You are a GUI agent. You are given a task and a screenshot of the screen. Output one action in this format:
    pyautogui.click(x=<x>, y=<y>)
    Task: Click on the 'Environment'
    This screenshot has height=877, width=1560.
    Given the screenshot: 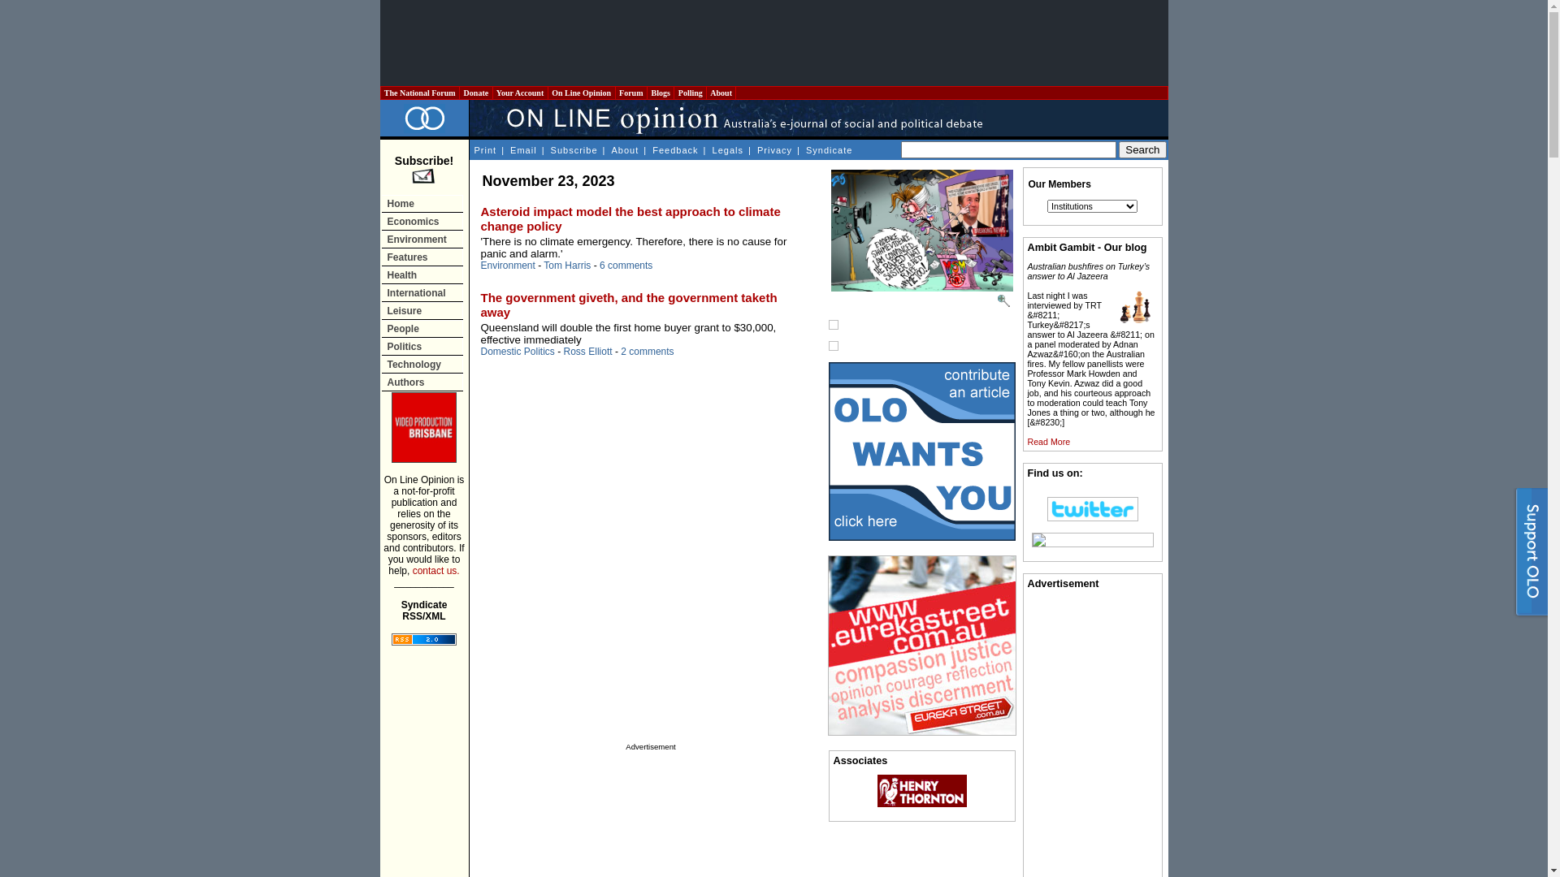 What is the action you would take?
    pyautogui.click(x=422, y=239)
    